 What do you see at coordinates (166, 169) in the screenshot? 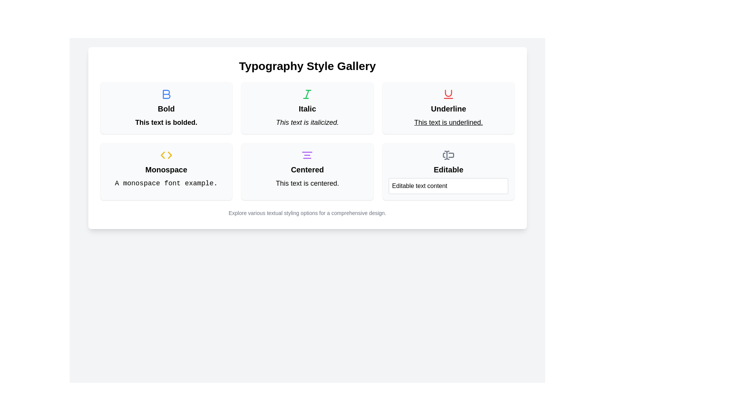
I see `'Monospace' text label, which is styled in a bold and large font, located in the lower-left card of a 2x3 grid, positioned above a descriptive text and below a coding tags icon` at bounding box center [166, 169].